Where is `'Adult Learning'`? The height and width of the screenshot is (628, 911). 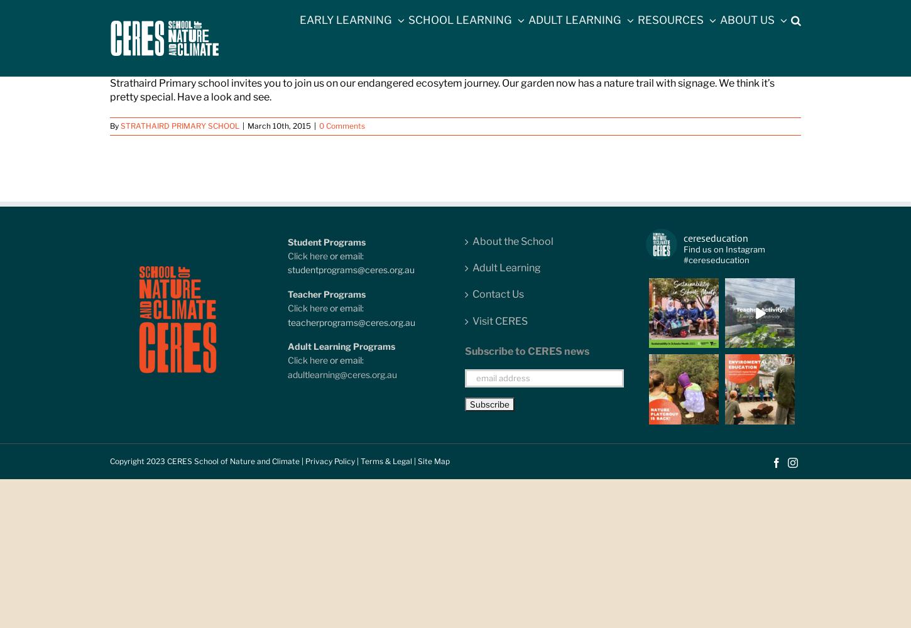 'Adult Learning' is located at coordinates (472, 267).